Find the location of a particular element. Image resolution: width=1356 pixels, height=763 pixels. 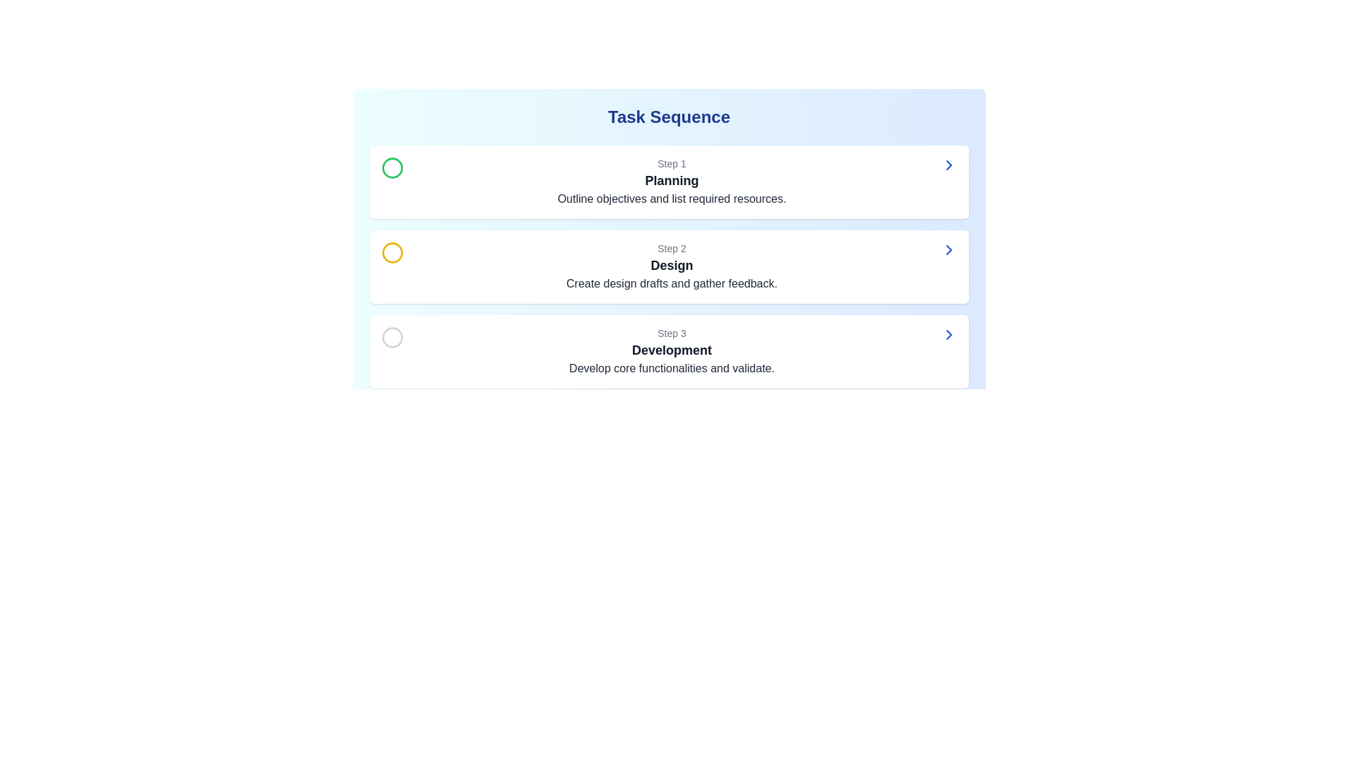

the rightward-pointing blue chevron icon located in the far-right part of the 'Step 2' and 'Design' section is located at coordinates (948, 249).